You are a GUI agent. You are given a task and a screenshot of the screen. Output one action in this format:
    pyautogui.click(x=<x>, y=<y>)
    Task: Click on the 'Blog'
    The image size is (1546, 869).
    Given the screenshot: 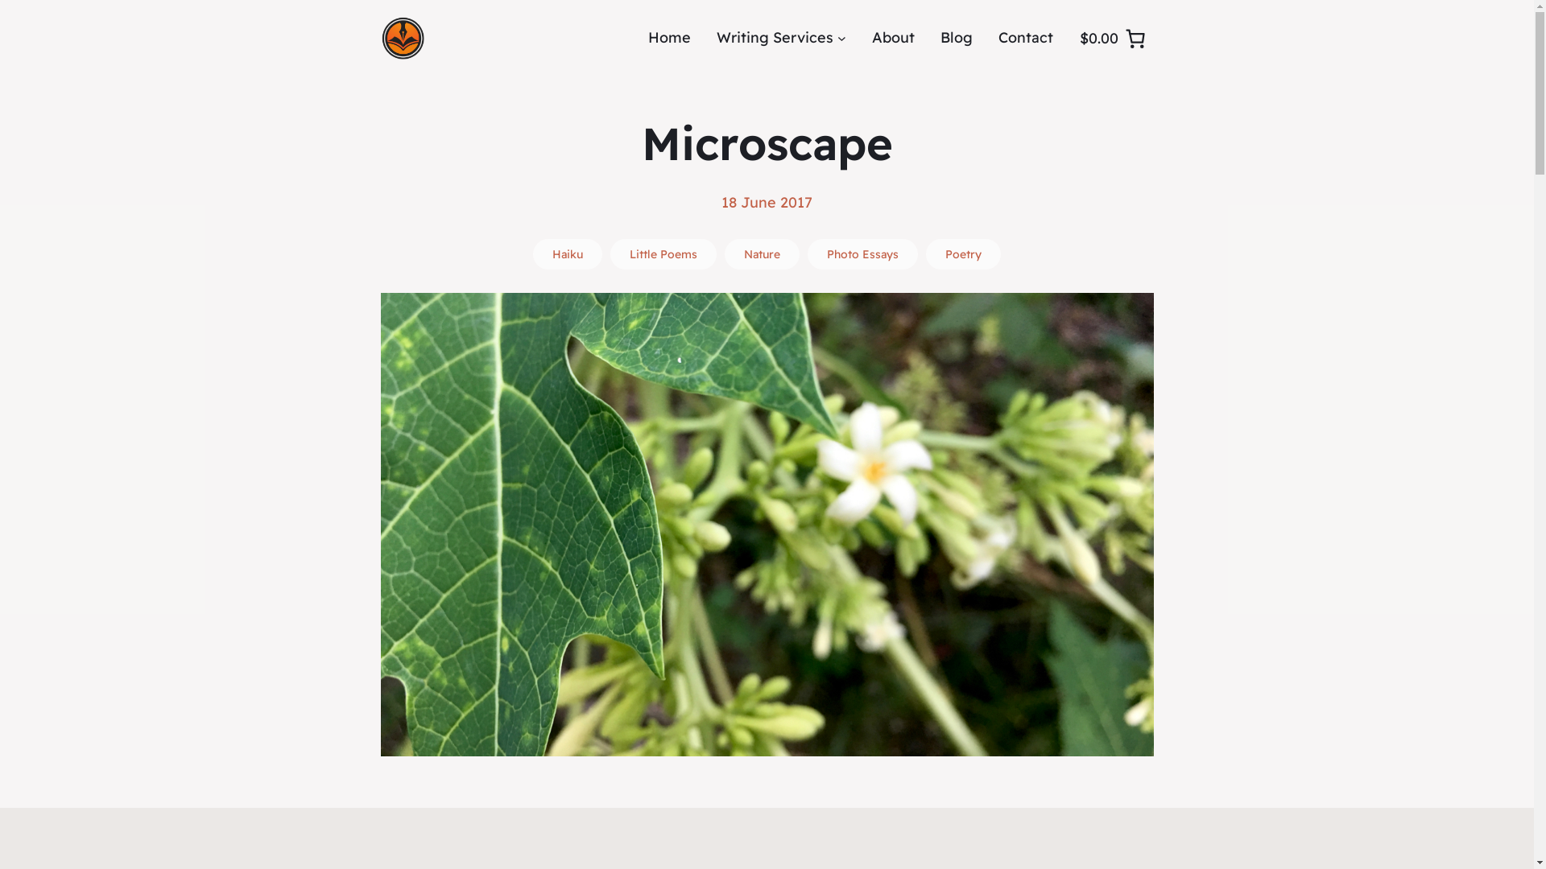 What is the action you would take?
    pyautogui.click(x=940, y=37)
    